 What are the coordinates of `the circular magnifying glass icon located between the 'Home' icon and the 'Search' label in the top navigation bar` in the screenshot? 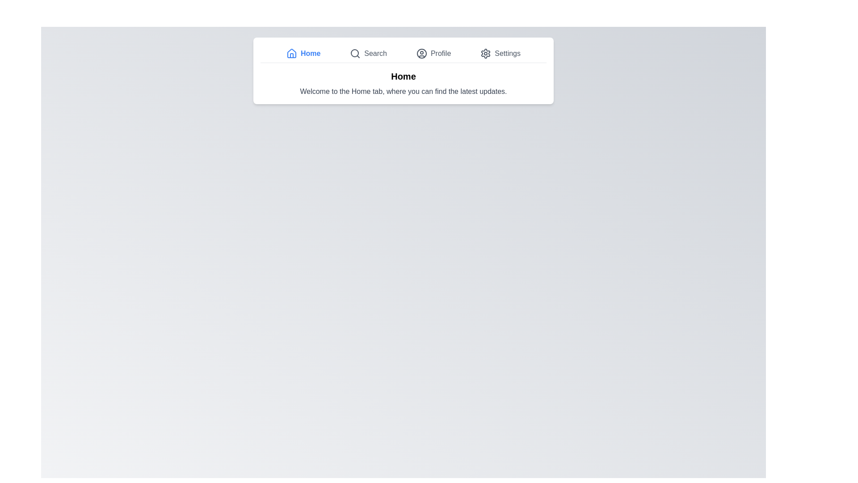 It's located at (355, 53).